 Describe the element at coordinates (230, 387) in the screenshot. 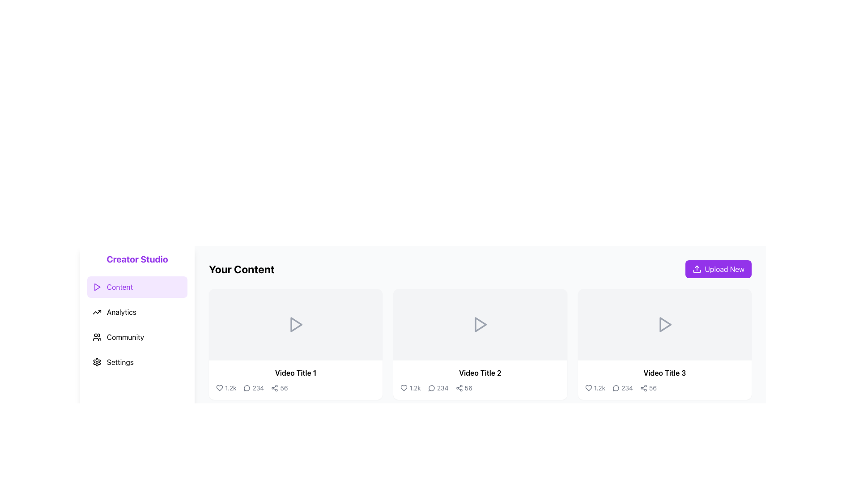

I see `the text display showing '1.2k' located below 'Video Title 1' and to the right of the heart icon, which is the rightmost element in its group` at that location.